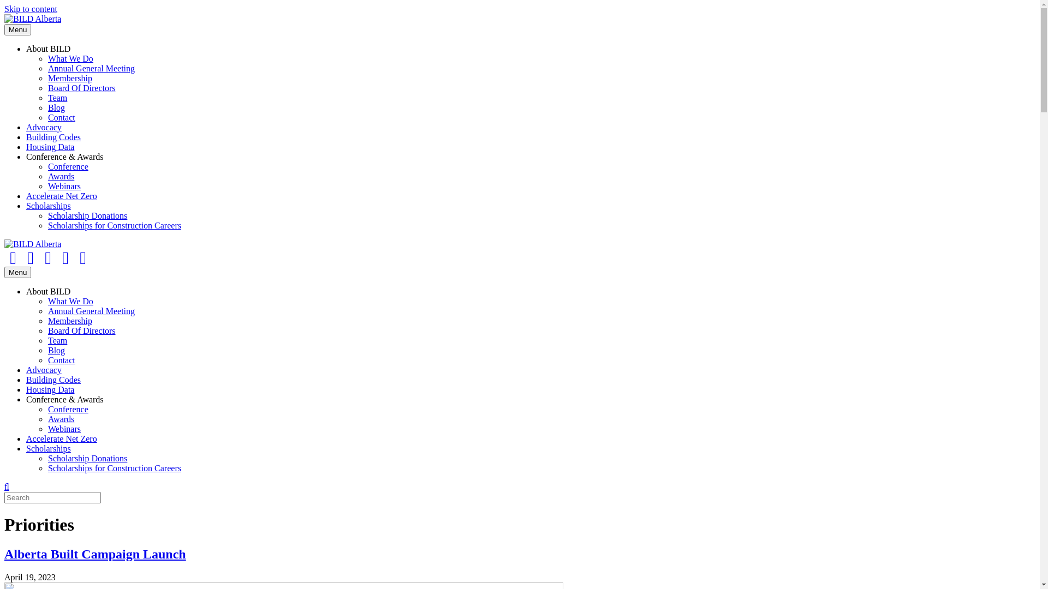  Describe the element at coordinates (70, 58) in the screenshot. I see `'What We Do'` at that location.